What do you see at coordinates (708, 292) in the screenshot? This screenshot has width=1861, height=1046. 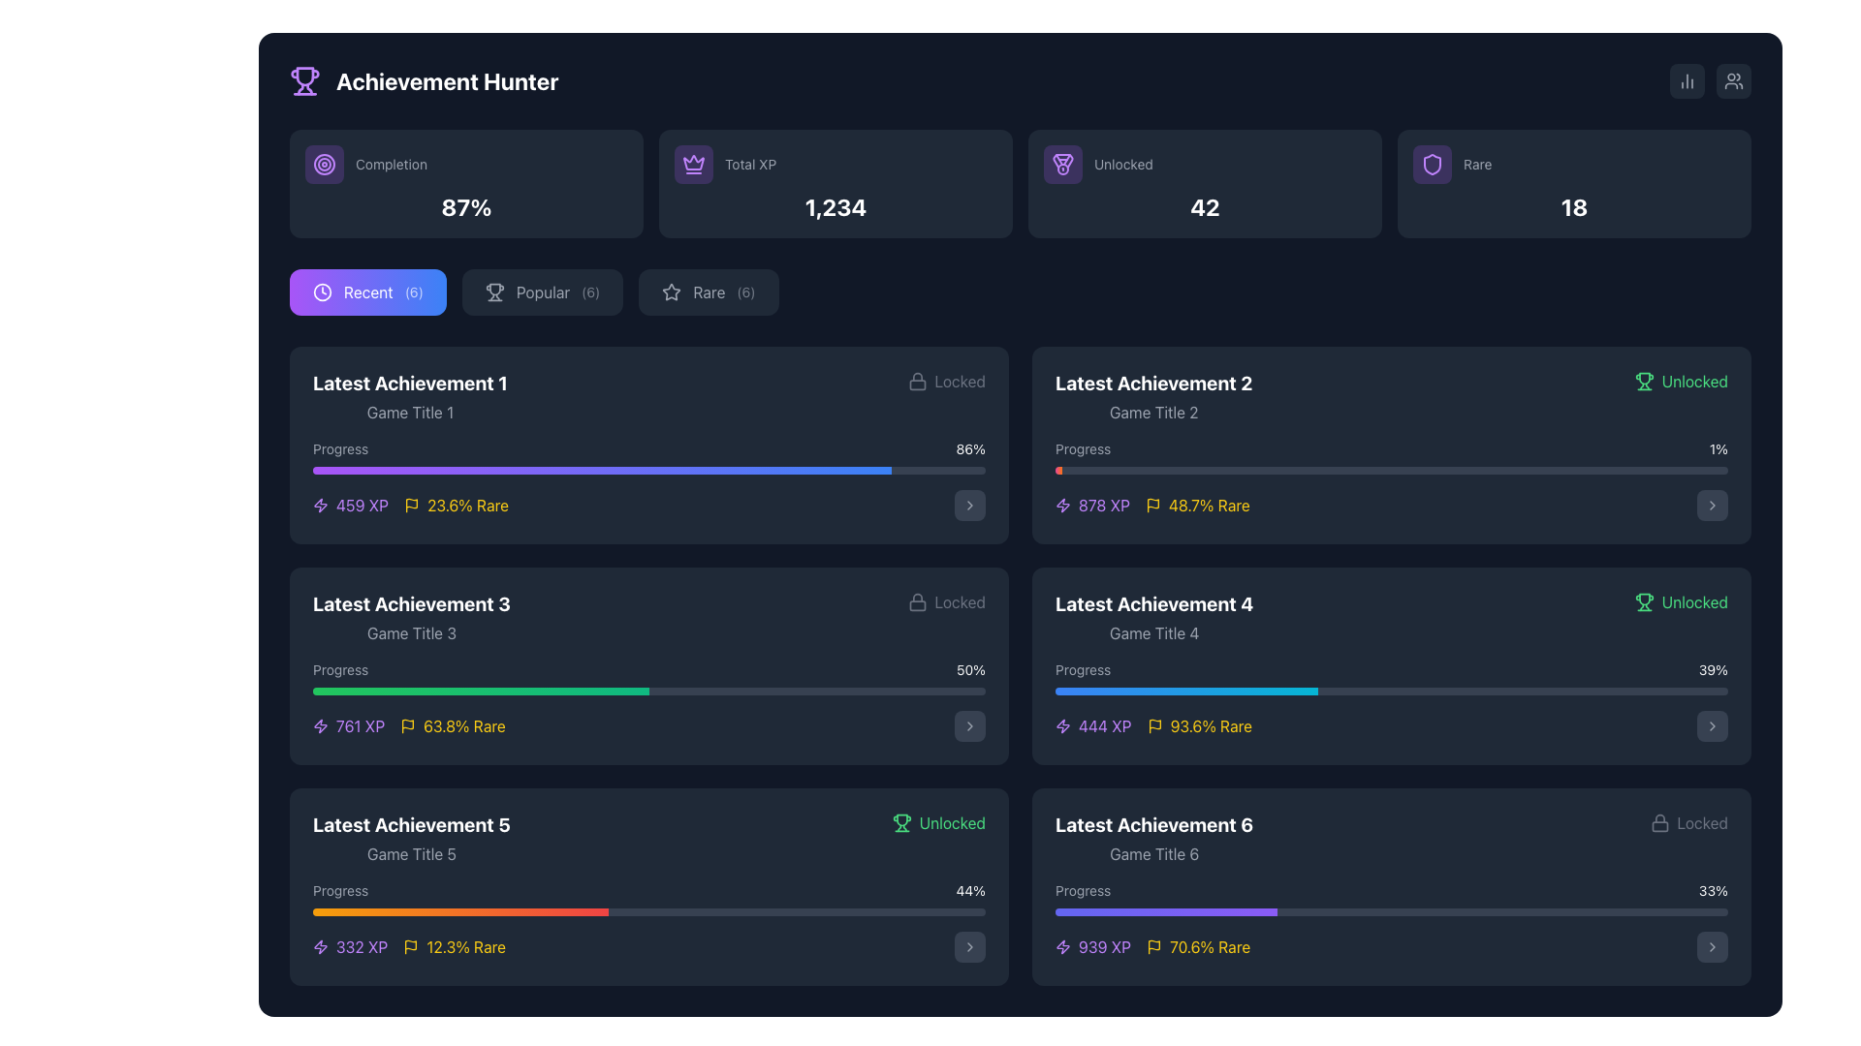 I see `the third button labeled 'Rare(6)' with a star outline icon` at bounding box center [708, 292].